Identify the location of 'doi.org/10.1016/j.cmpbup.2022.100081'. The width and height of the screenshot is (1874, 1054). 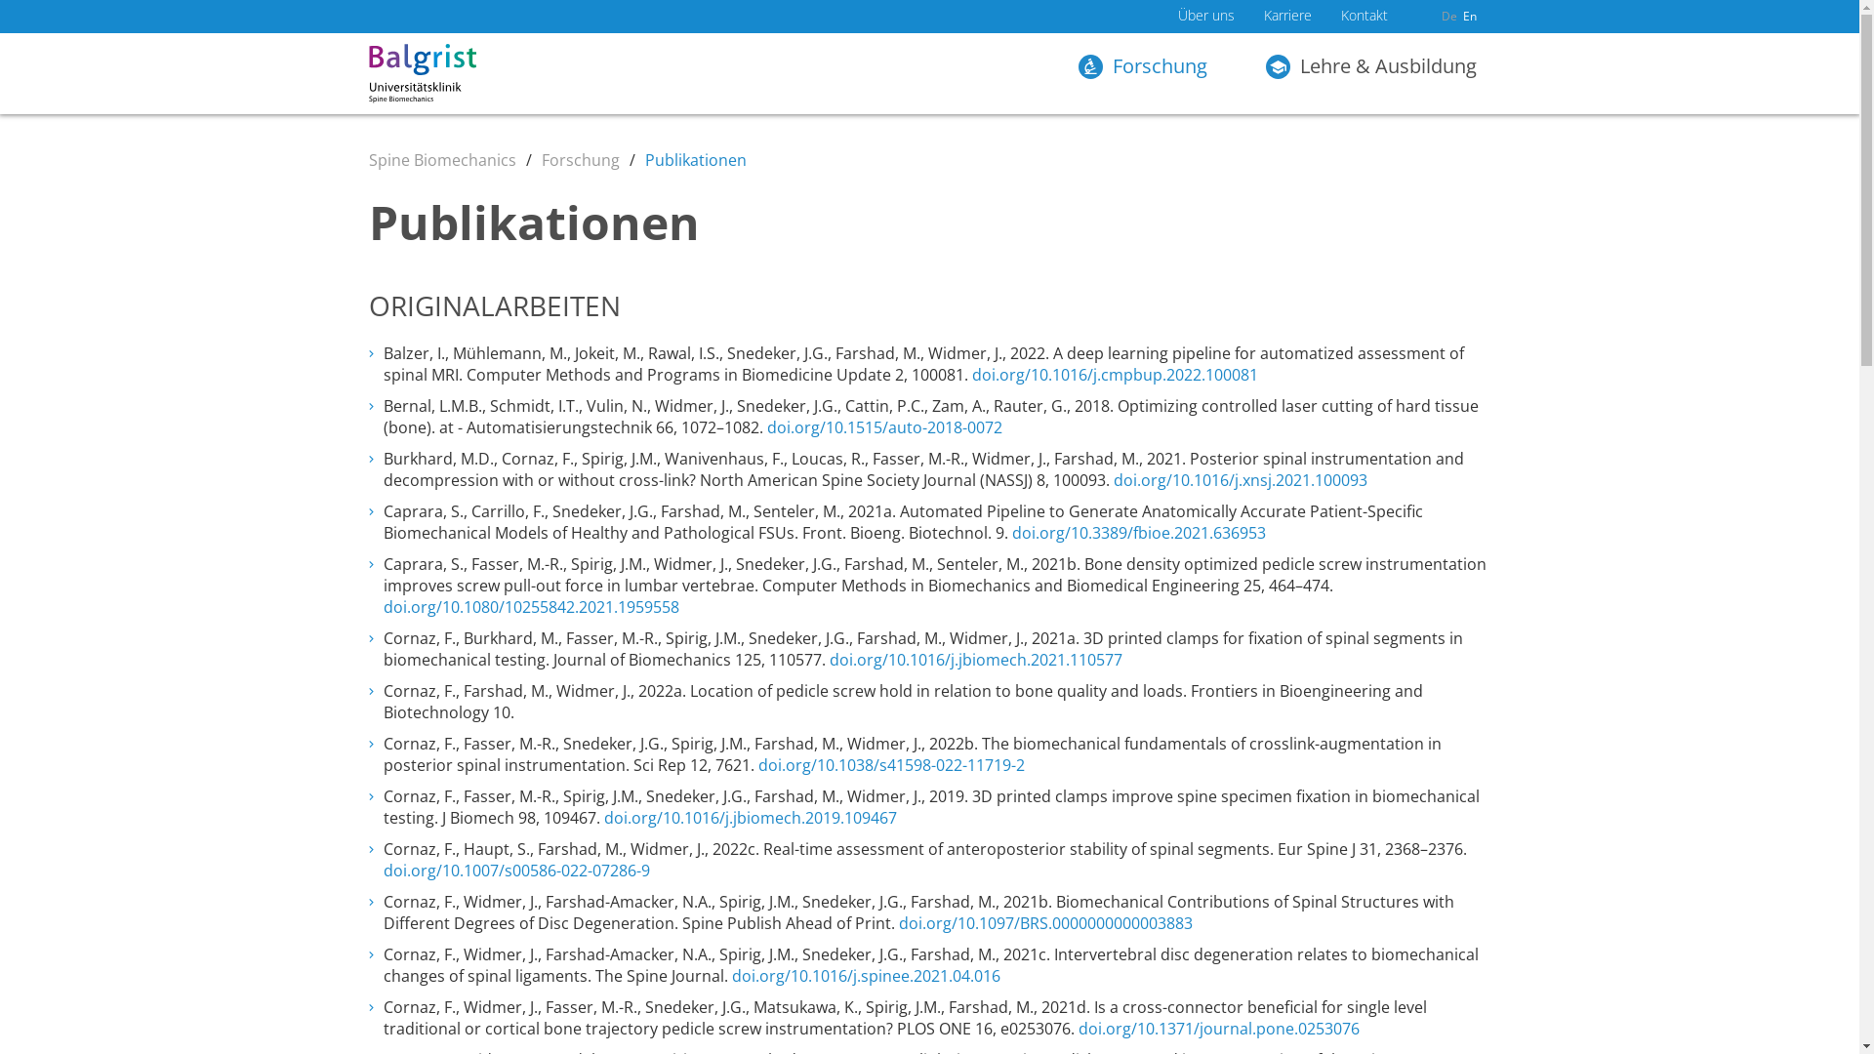
(1115, 375).